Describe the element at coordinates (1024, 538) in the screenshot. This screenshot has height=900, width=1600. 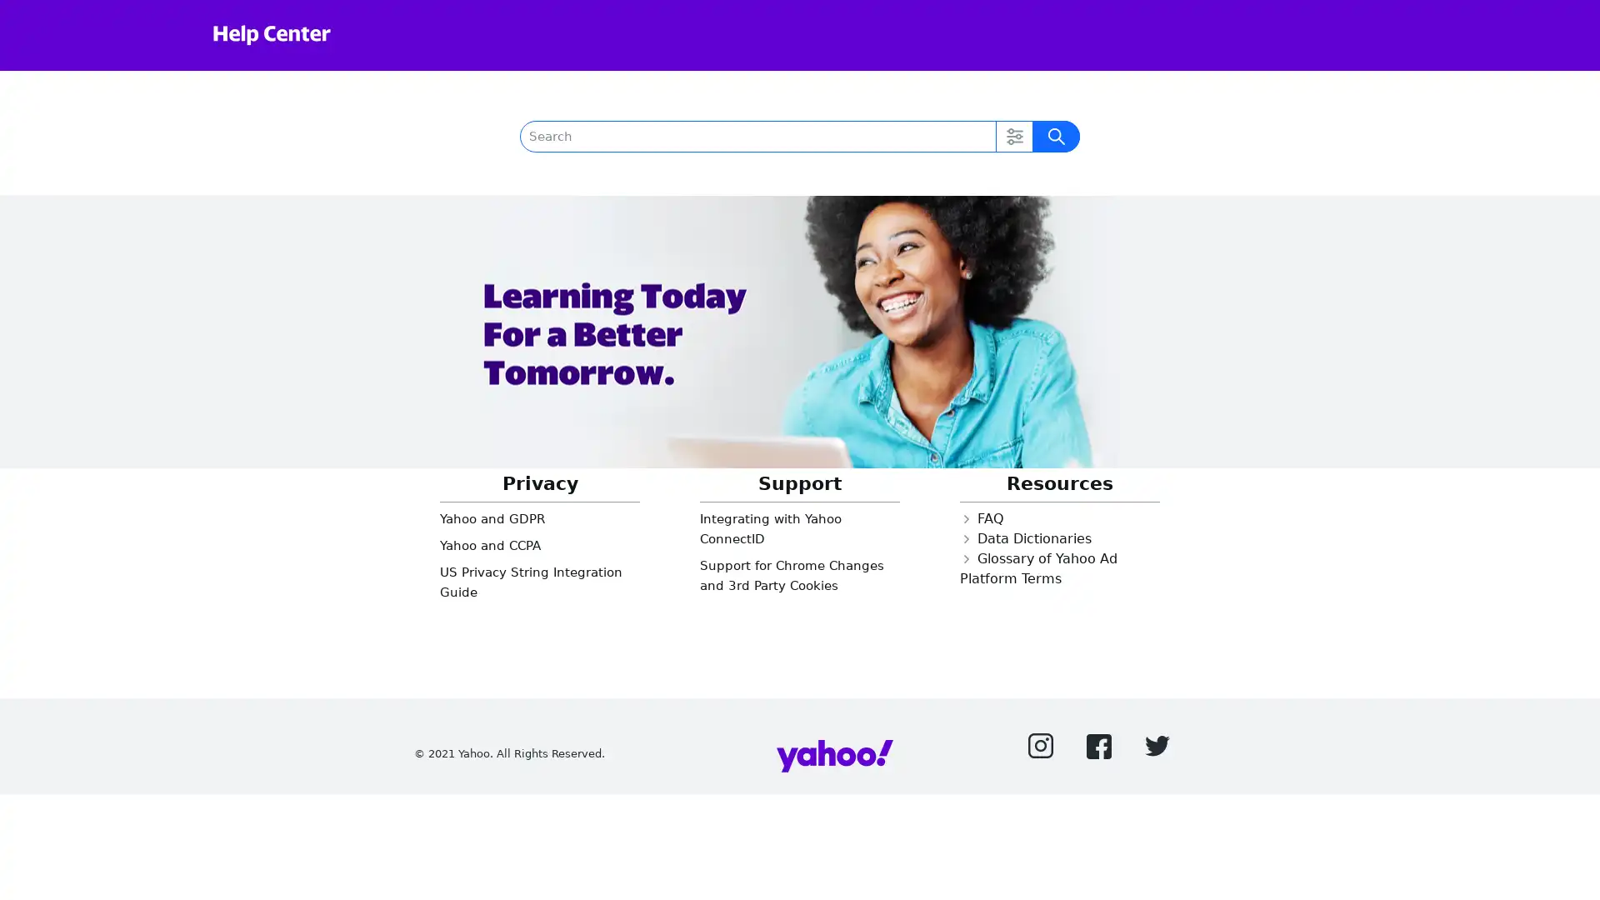
I see `Closed Data Dictionaries` at that location.